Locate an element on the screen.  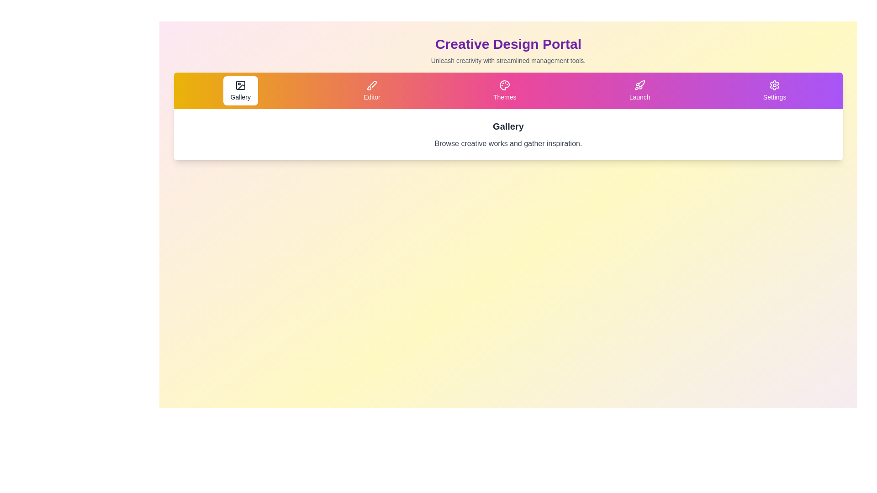
the nearby elements in the section containing the title 'Creative Design Portal', which features a bold, large, purple headline and a smaller gray description below it is located at coordinates (508, 51).